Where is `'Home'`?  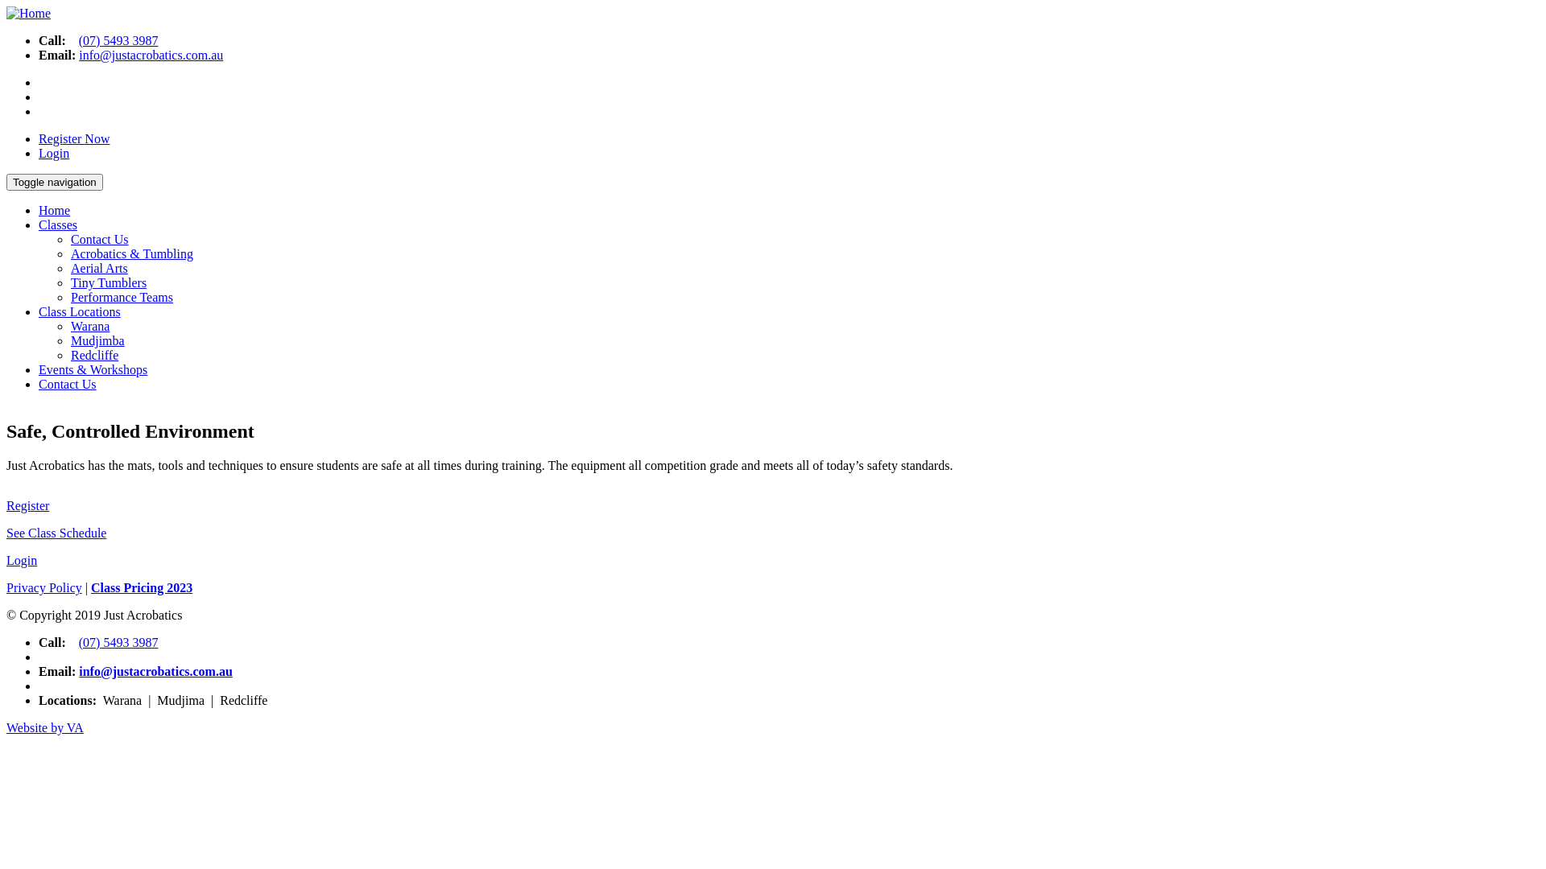
'Home' is located at coordinates (54, 209).